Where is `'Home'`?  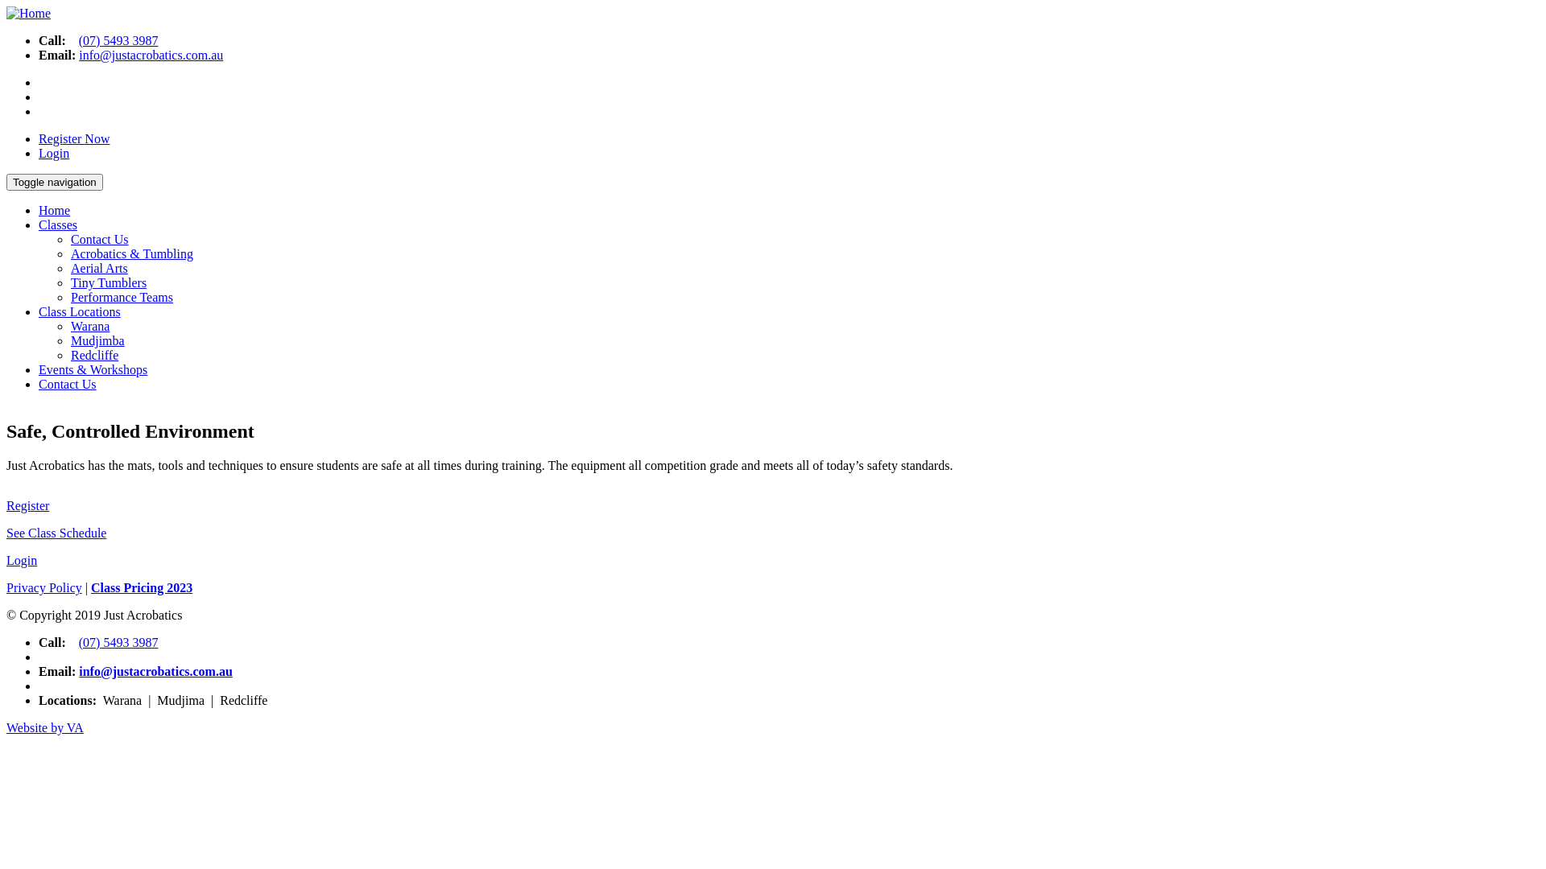
'Home' is located at coordinates (54, 209).